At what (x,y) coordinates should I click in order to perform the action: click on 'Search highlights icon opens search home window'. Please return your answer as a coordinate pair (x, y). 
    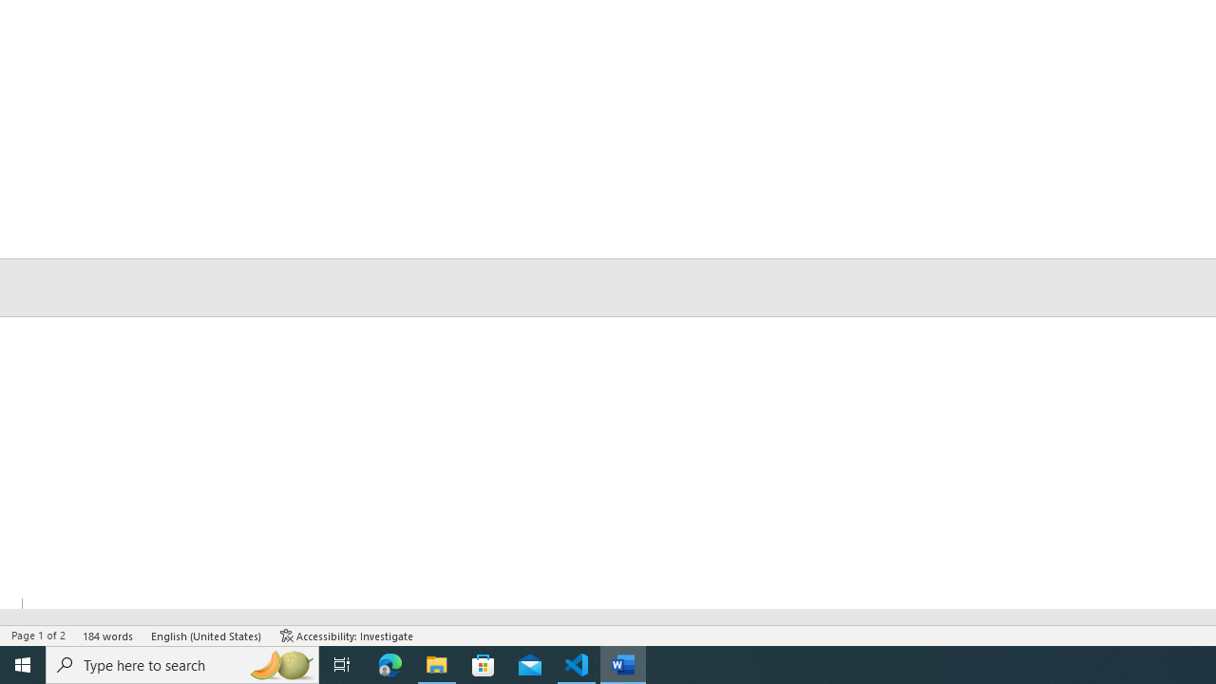
    Looking at the image, I should click on (279, 663).